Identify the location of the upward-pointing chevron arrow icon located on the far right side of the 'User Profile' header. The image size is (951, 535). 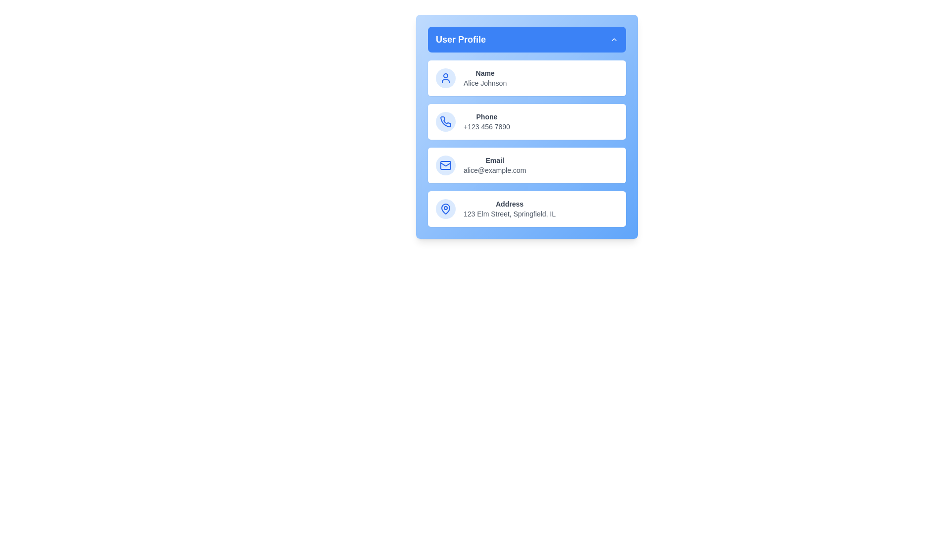
(613, 39).